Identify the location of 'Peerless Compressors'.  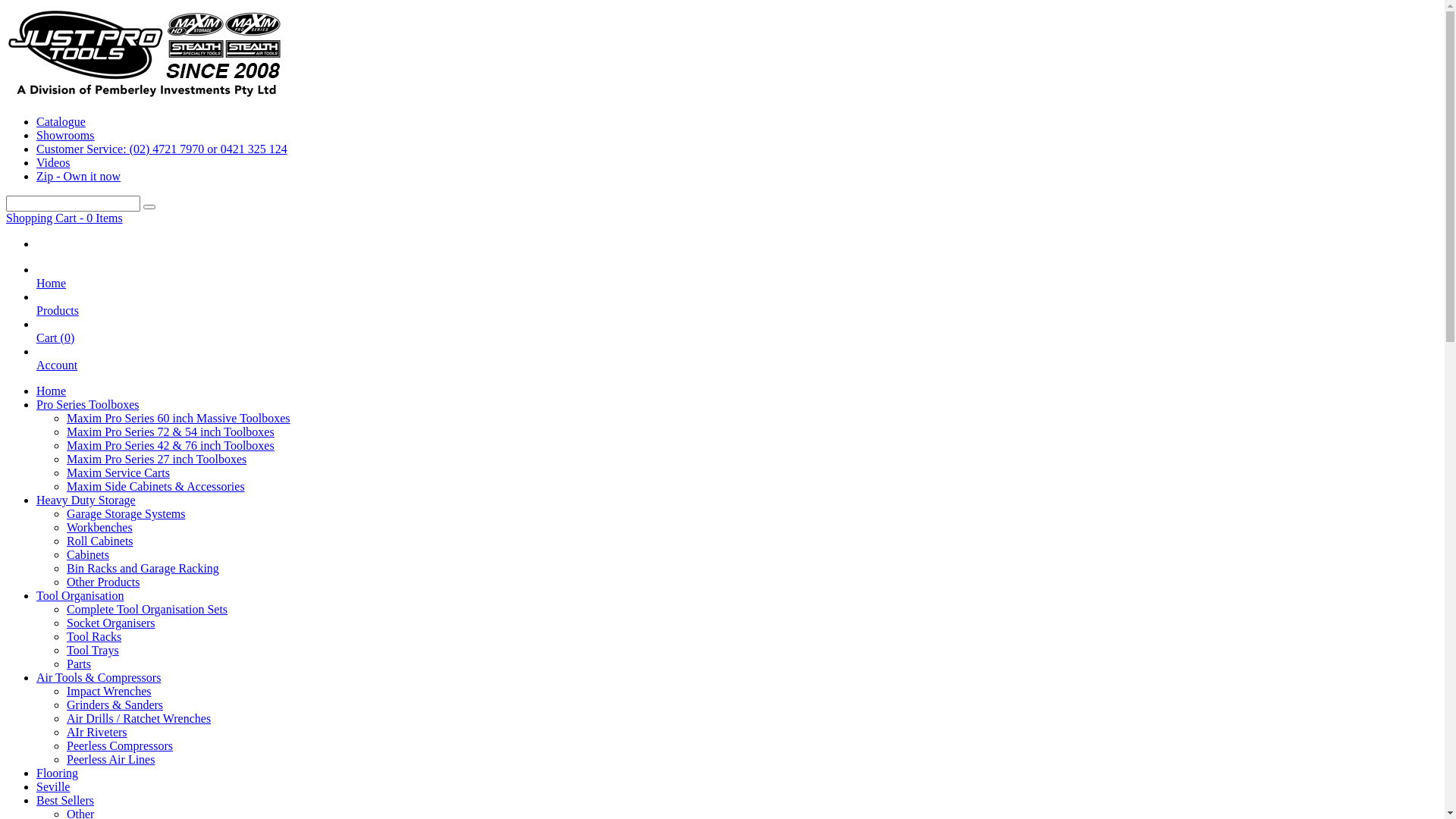
(119, 745).